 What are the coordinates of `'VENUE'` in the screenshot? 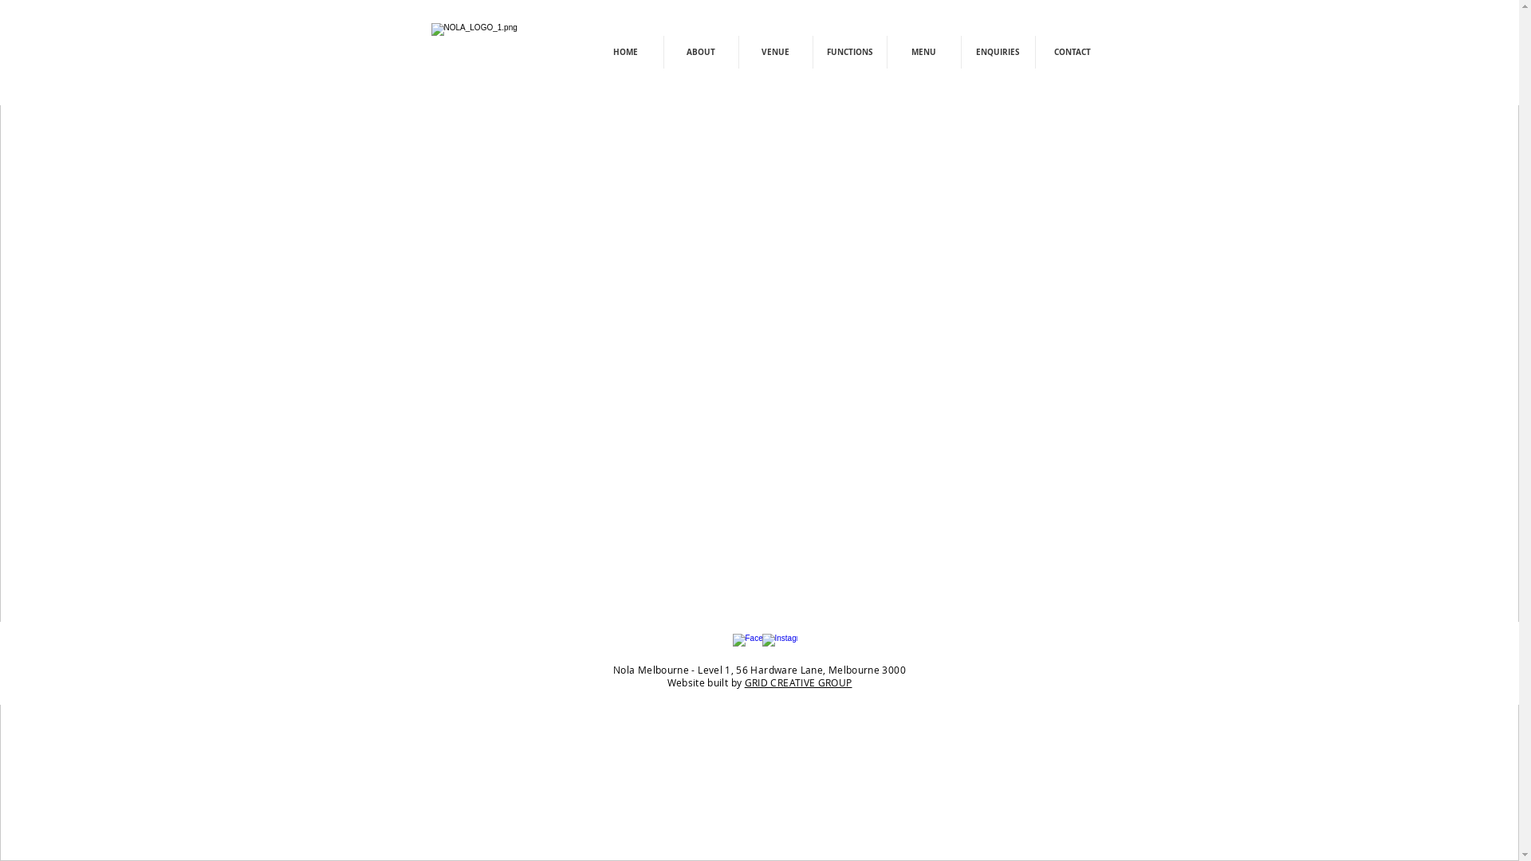 It's located at (774, 51).